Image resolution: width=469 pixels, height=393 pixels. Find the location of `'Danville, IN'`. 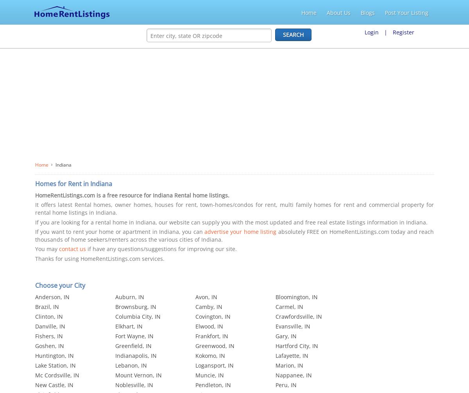

'Danville, IN' is located at coordinates (50, 326).